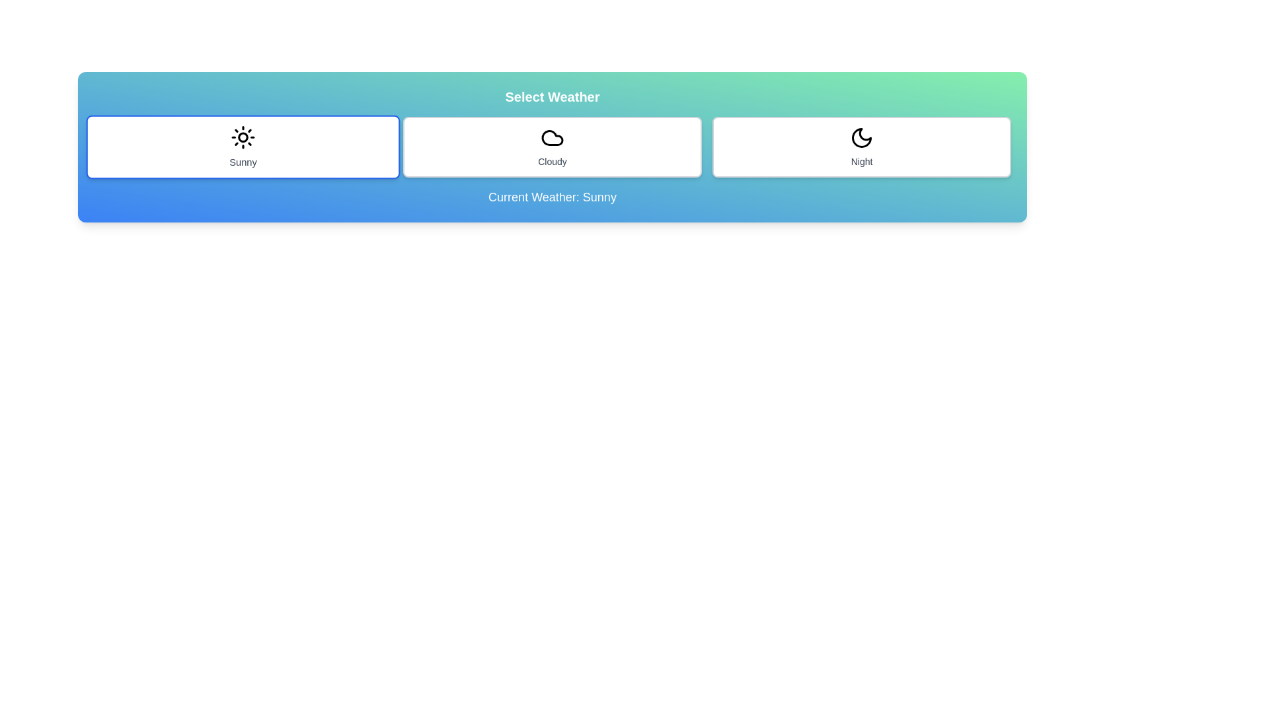  What do you see at coordinates (552, 147) in the screenshot?
I see `the button corresponding to the desired weather option, Cloudy` at bounding box center [552, 147].